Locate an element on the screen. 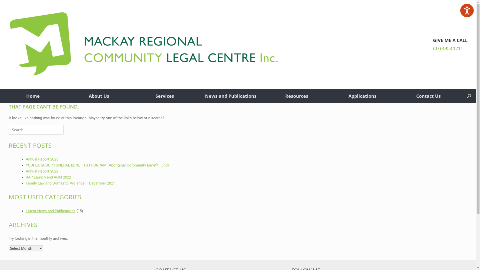 The image size is (480, 270). 'Applications' is located at coordinates (362, 96).